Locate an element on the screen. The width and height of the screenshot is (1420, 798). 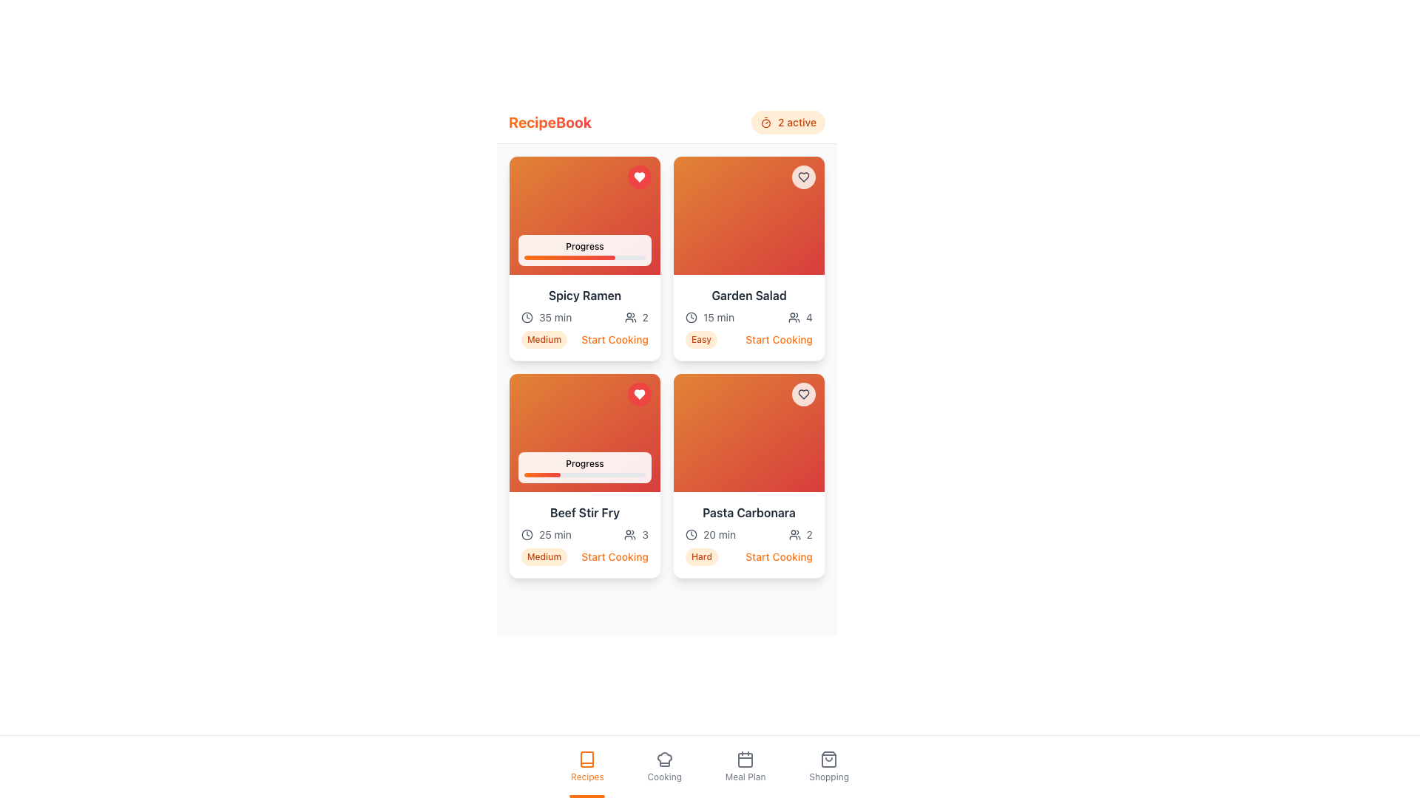
the 'Start Cooking' button located in the lower section of the Spicy Ramen card to observe any hover effects like color change is located at coordinates (615, 339).